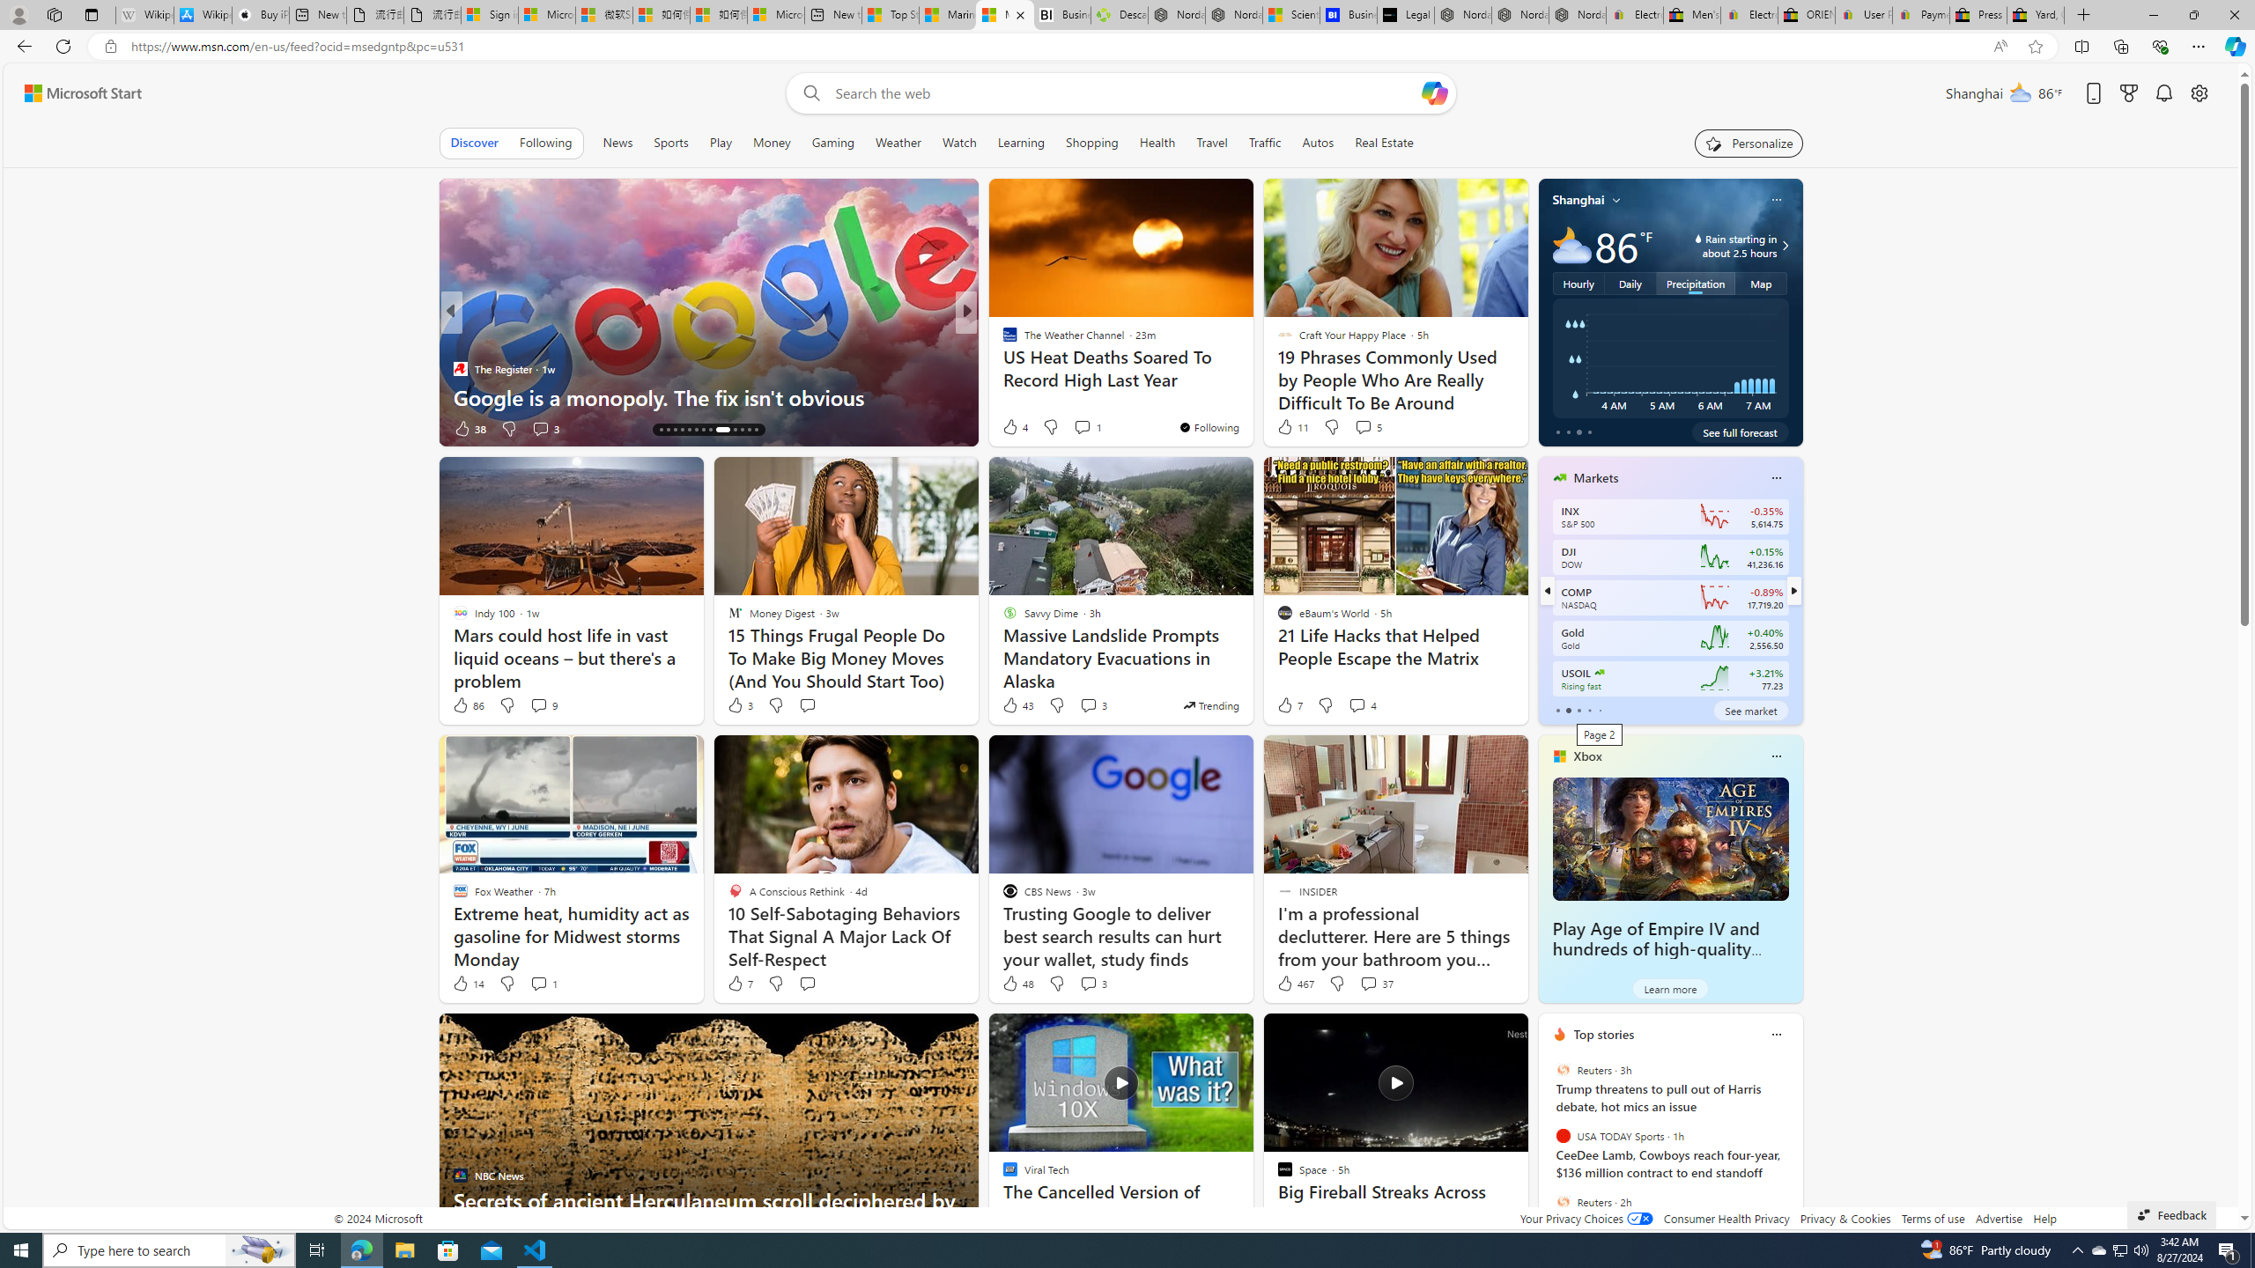 This screenshot has height=1268, width=2255. What do you see at coordinates (1088, 428) in the screenshot?
I see `'View comments 2 Comment'` at bounding box center [1088, 428].